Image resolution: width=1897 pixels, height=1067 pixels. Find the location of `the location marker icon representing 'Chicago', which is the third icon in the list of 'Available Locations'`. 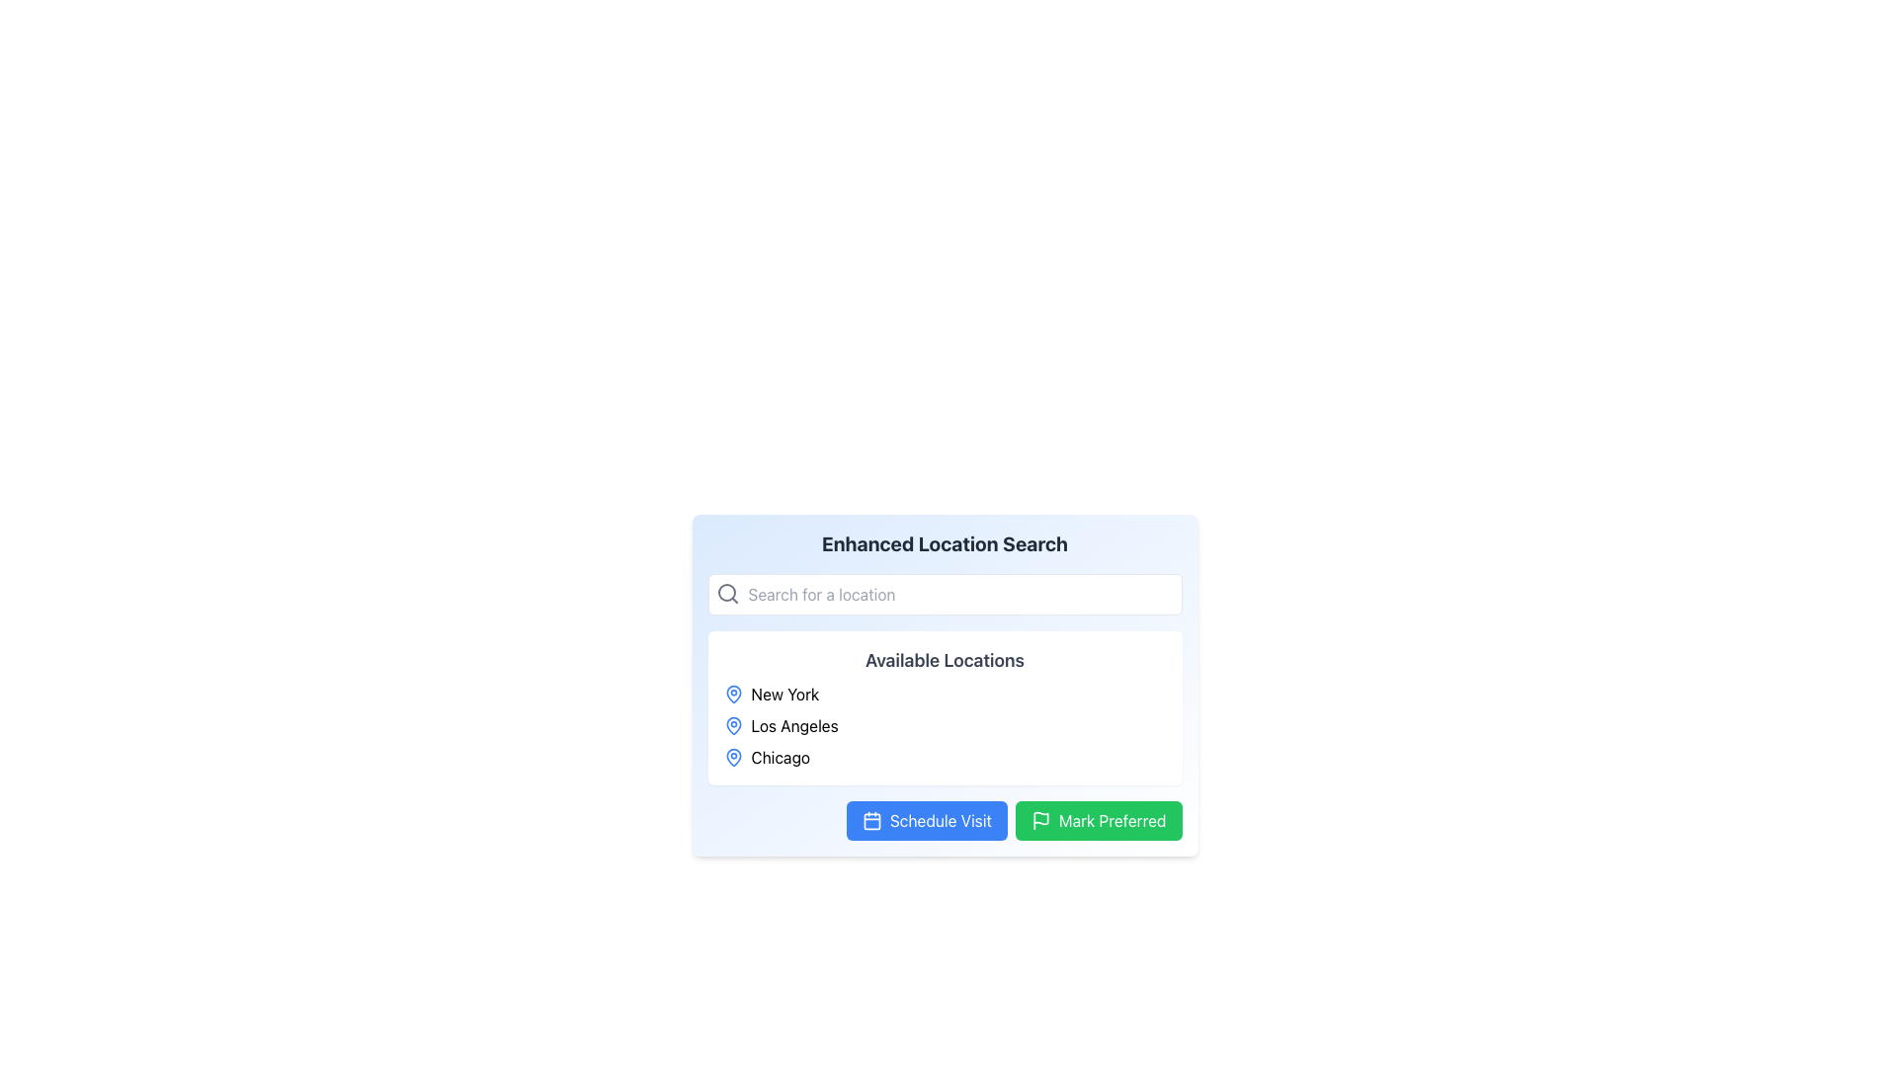

the location marker icon representing 'Chicago', which is the third icon in the list of 'Available Locations' is located at coordinates (732, 757).